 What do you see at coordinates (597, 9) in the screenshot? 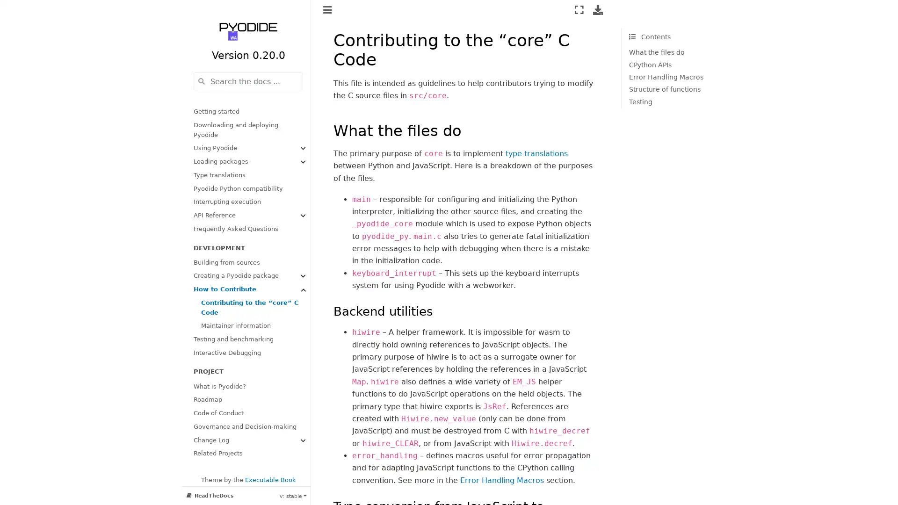
I see `Download this page` at bounding box center [597, 9].